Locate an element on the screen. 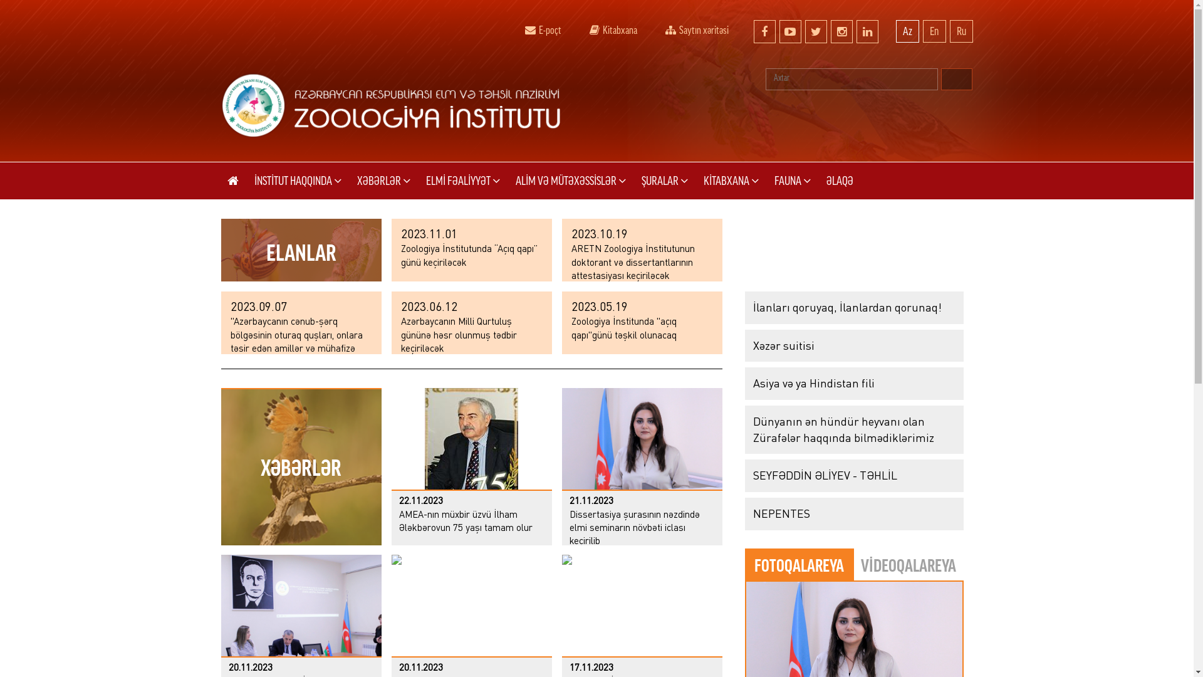 Image resolution: width=1203 pixels, height=677 pixels. 'Kitabxana' is located at coordinates (593, 29).